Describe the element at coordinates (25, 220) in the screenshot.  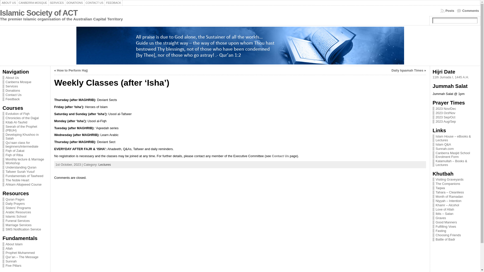
I see `'Funeral Services'` at that location.